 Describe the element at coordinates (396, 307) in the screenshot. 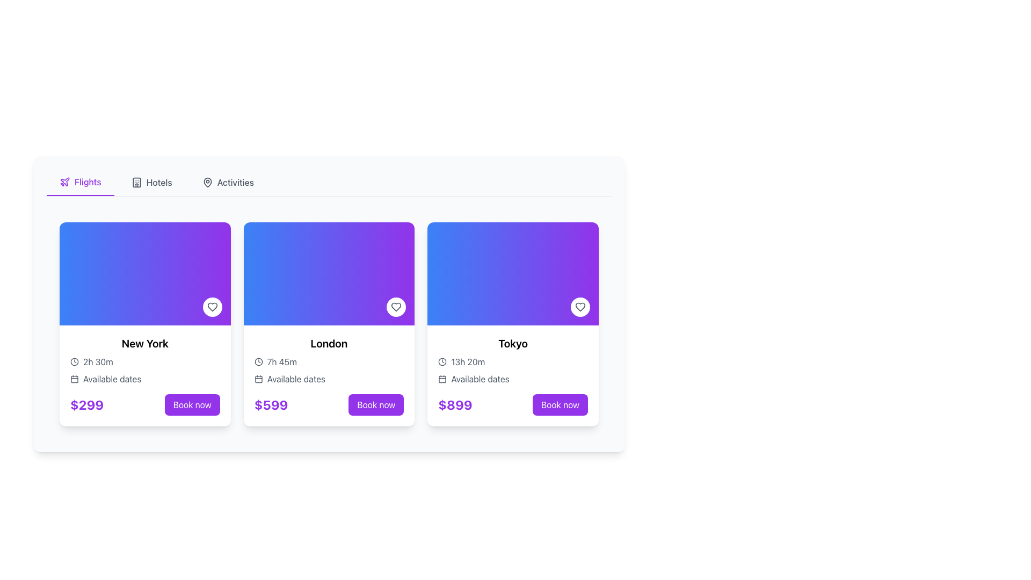

I see `the heart-shaped icon button located in the upper-right corner of the 'London' card` at that location.